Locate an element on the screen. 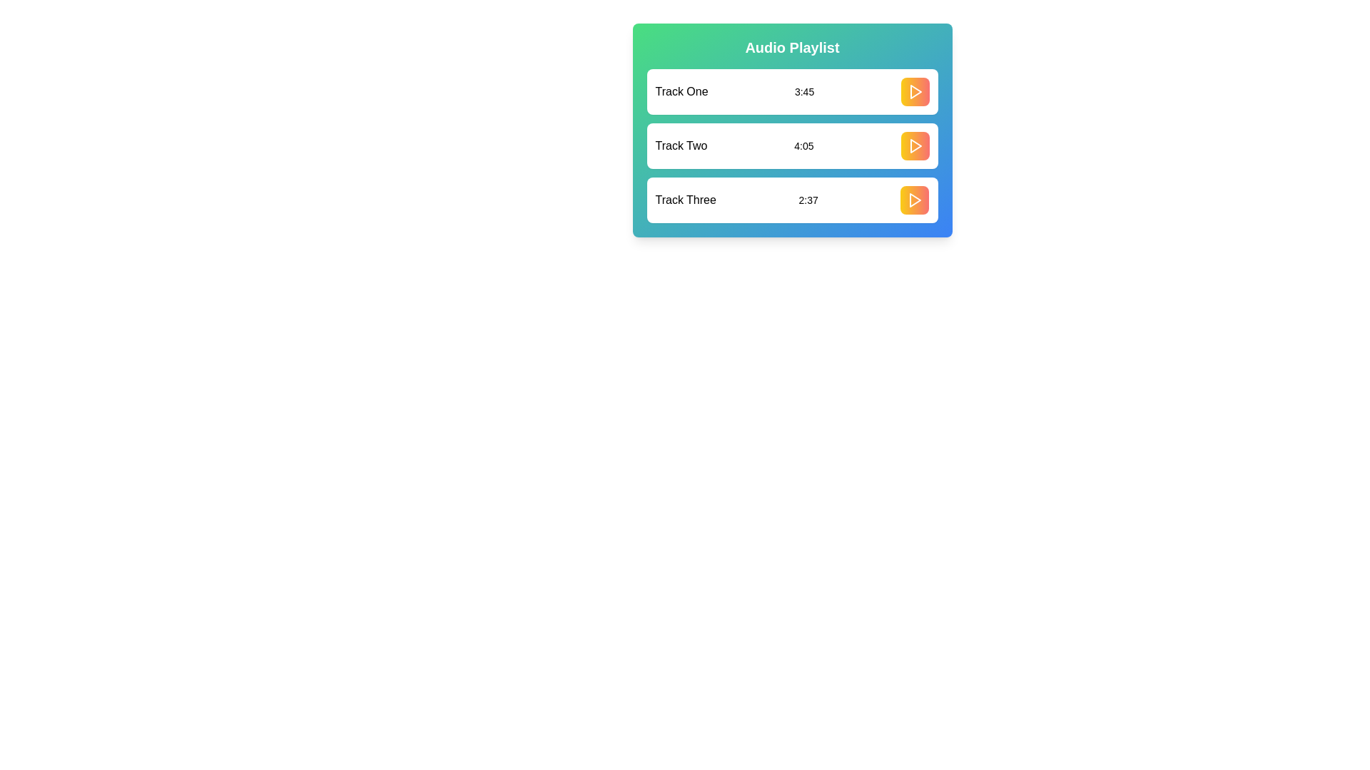 Image resolution: width=1370 pixels, height=770 pixels. the small gradient button with a white play icon in the third row of the audio playlist titled 'Track Three' to play the track is located at coordinates (914, 200).